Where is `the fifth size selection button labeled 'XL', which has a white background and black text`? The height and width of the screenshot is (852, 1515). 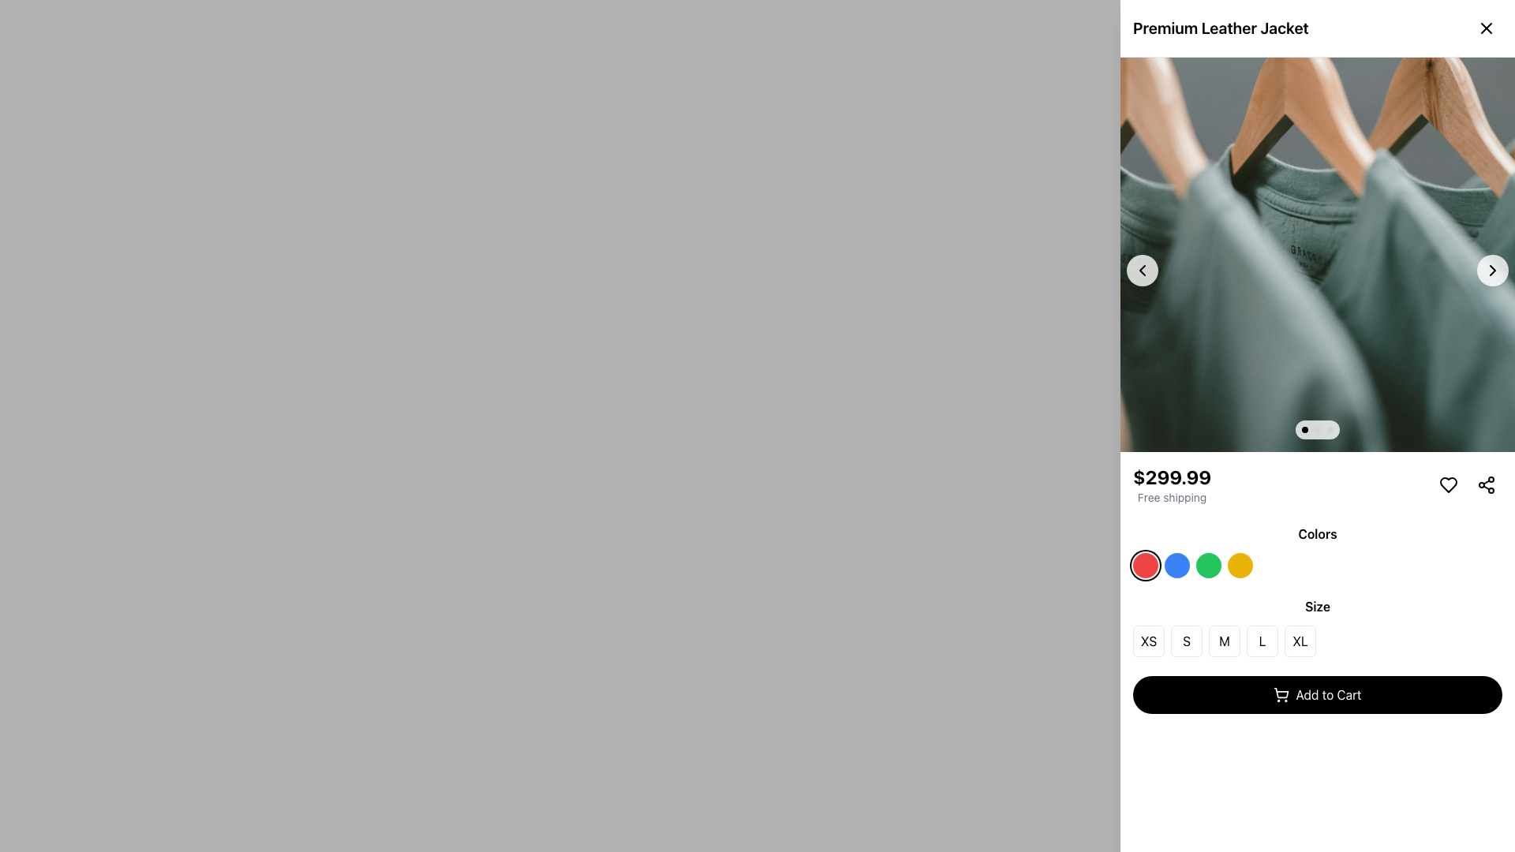
the fifth size selection button labeled 'XL', which has a white background and black text is located at coordinates (1300, 641).